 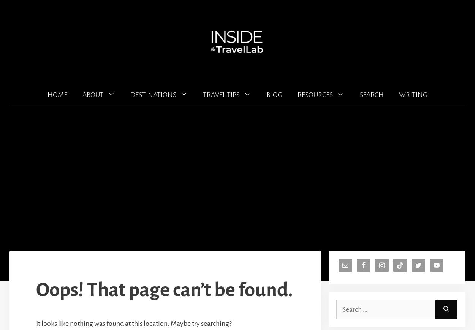 I want to click on 'ABOUT', so click(x=93, y=95).